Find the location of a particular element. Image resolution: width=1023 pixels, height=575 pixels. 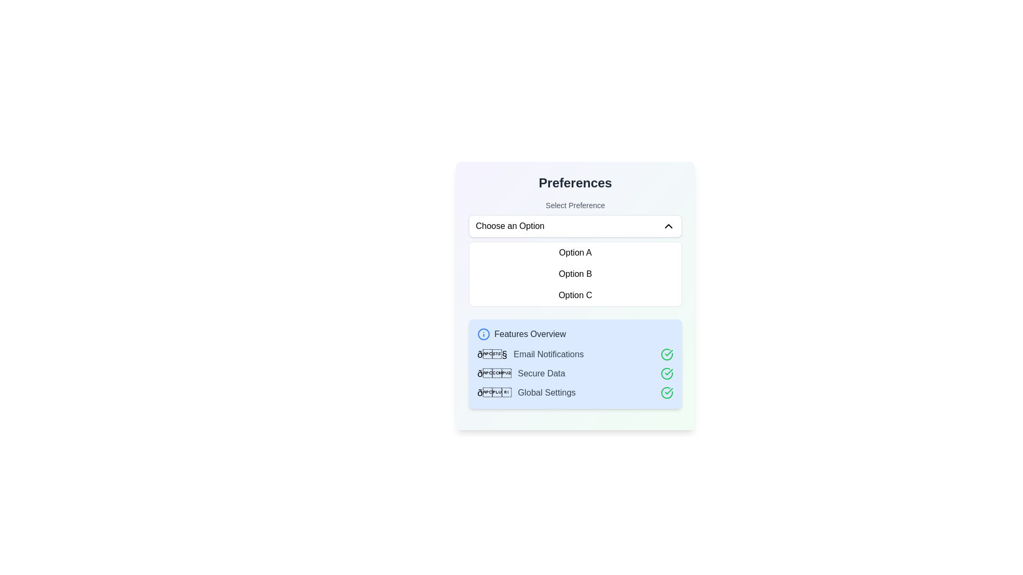

the status of the 'Secure Data' icon located on the far right of the 'Secure Data' row in the 'Features Overview' section is located at coordinates (667, 373).